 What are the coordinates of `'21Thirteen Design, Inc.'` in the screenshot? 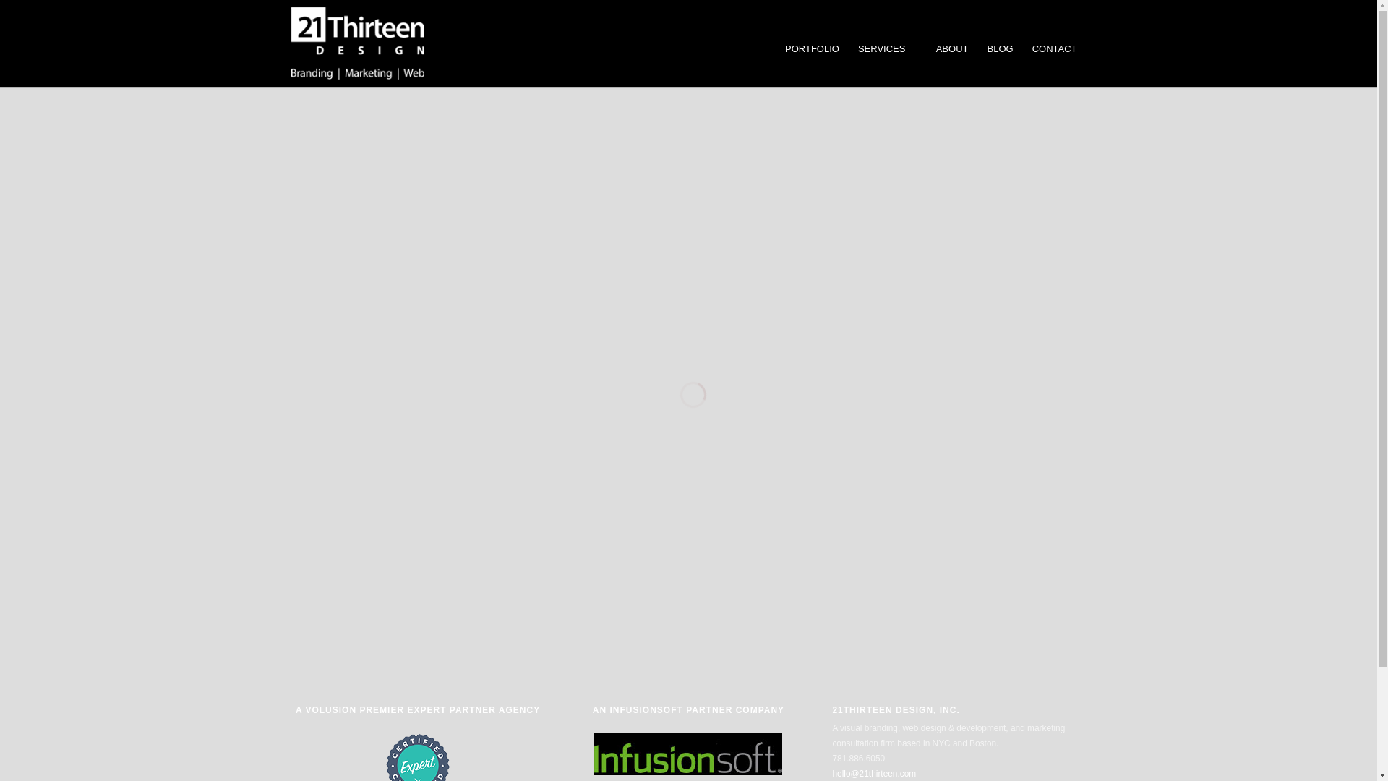 It's located at (357, 43).